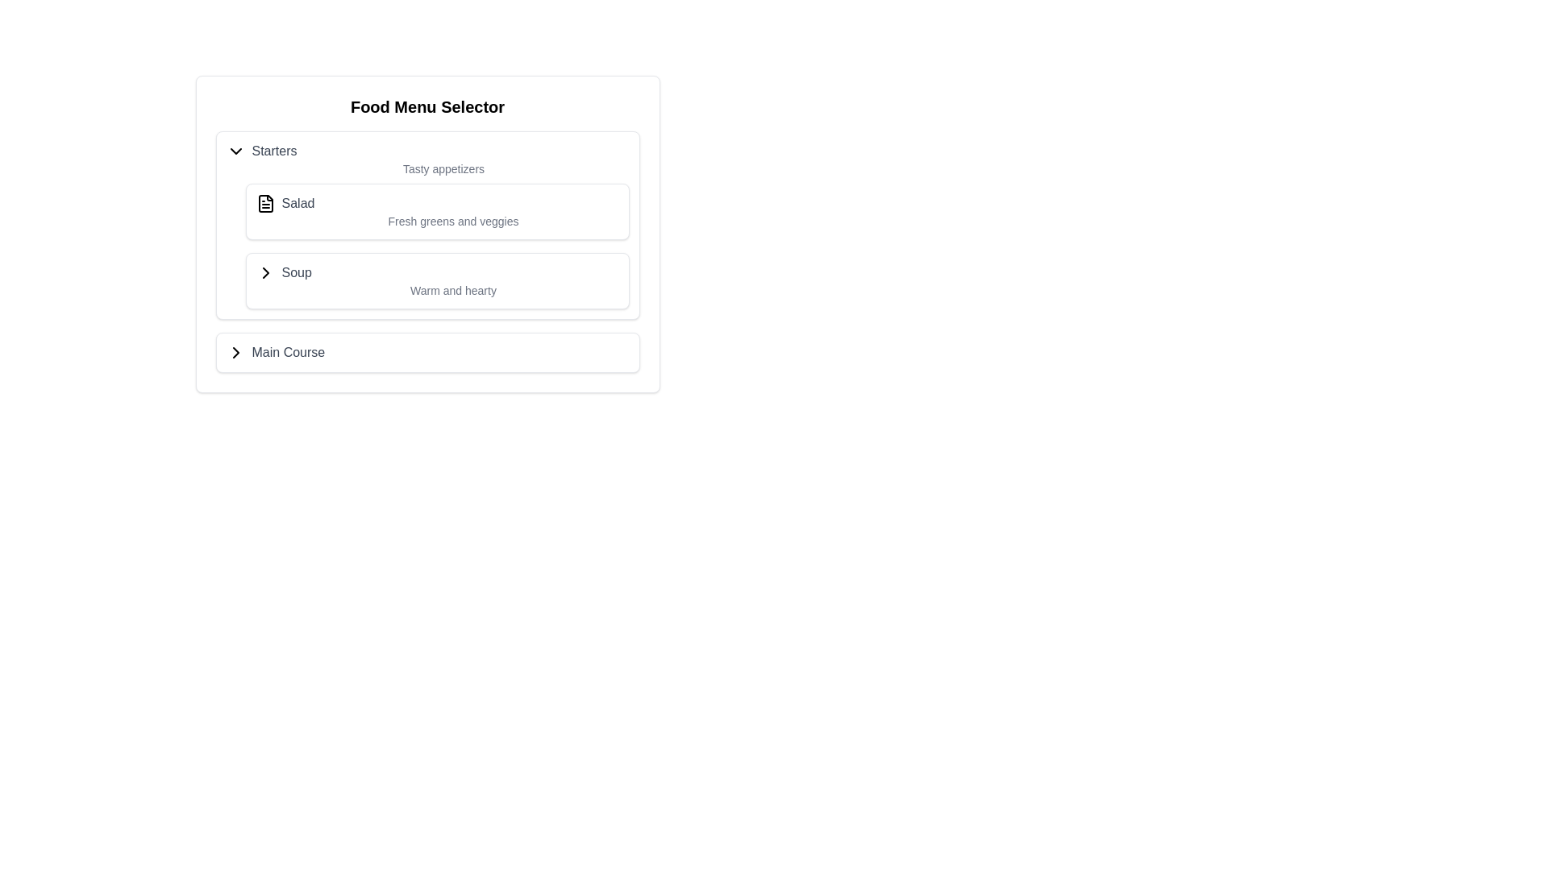 The width and height of the screenshot is (1548, 870). What do you see at coordinates (265, 272) in the screenshot?
I see `the icon indicating the availability of additional submenu items, located in the bottom-right corner of the 'Main Course' section header` at bounding box center [265, 272].